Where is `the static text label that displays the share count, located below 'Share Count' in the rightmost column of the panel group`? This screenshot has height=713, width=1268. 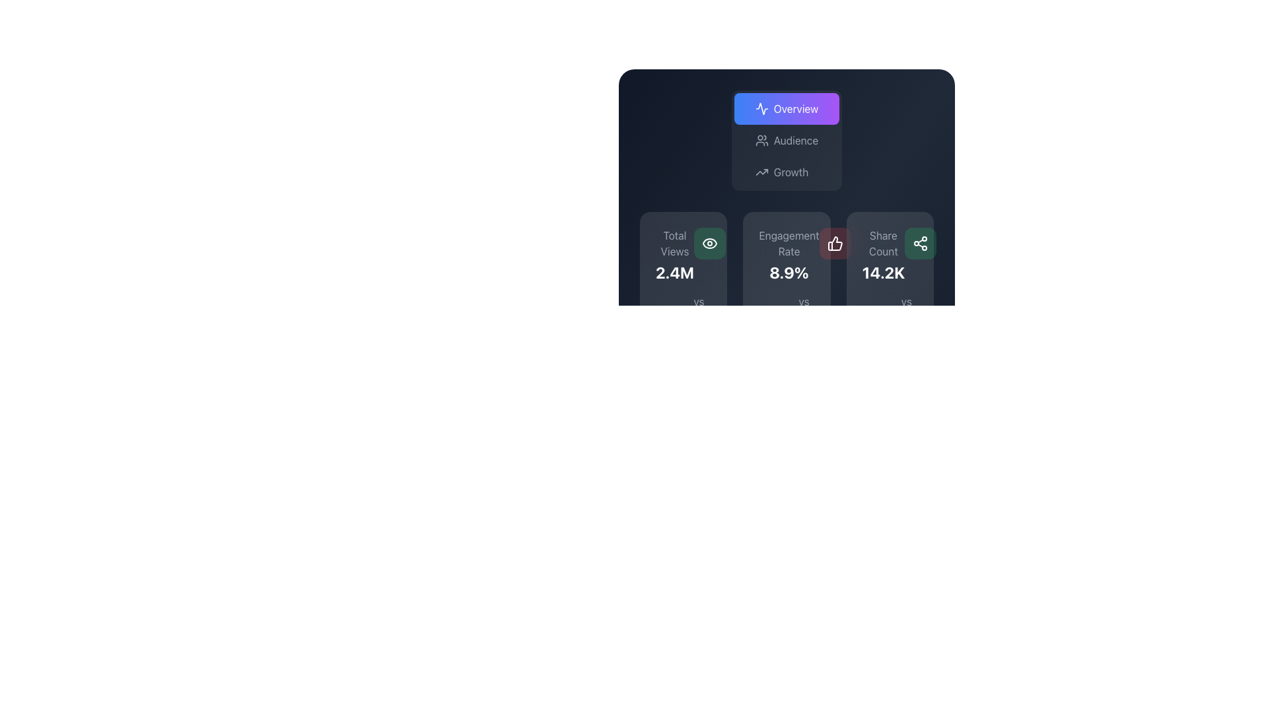
the static text label that displays the share count, located below 'Share Count' in the rightmost column of the panel group is located at coordinates (883, 271).